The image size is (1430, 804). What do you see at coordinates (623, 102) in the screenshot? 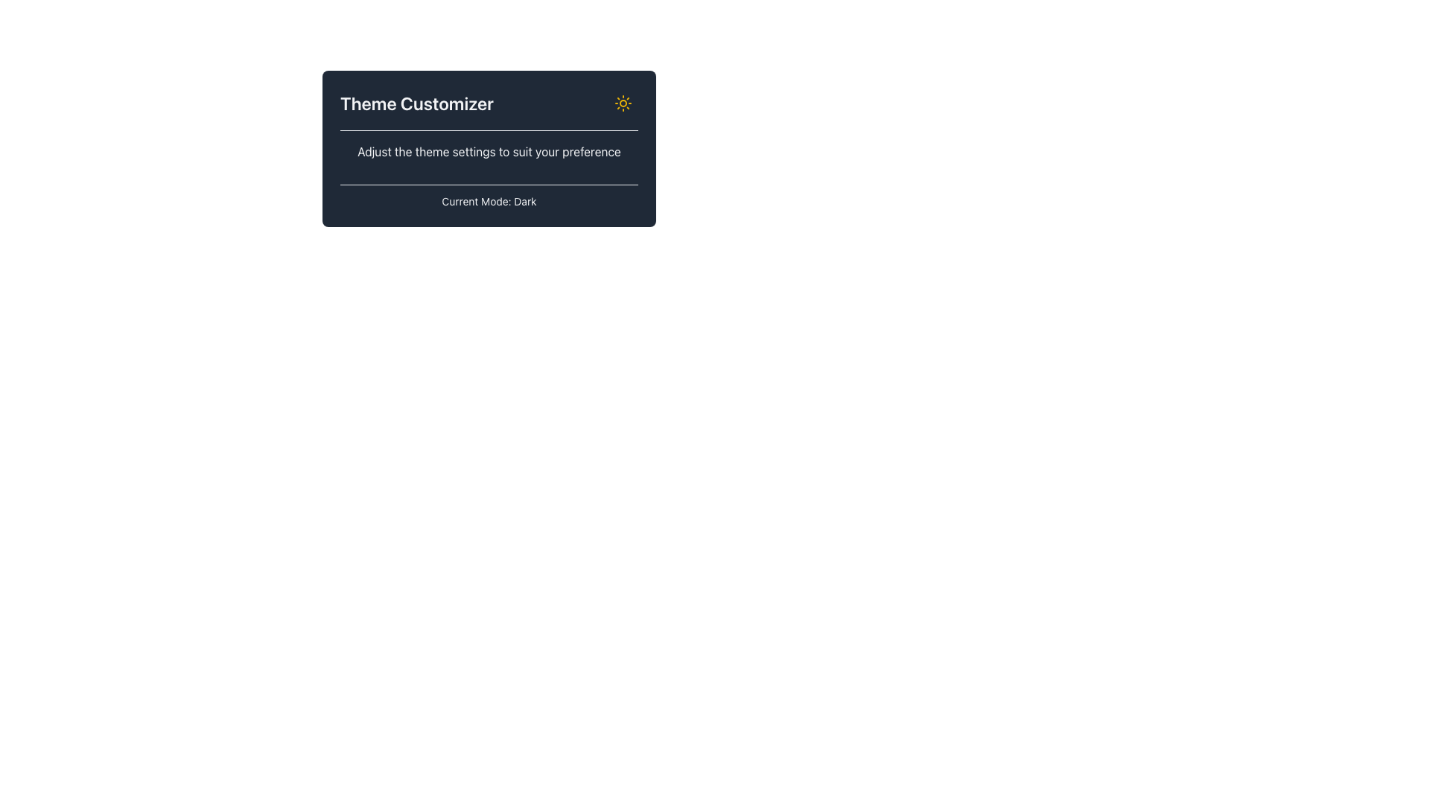
I see `the theme toggle icon located in the top-right section of the 'Theme Customizer' interface` at bounding box center [623, 102].